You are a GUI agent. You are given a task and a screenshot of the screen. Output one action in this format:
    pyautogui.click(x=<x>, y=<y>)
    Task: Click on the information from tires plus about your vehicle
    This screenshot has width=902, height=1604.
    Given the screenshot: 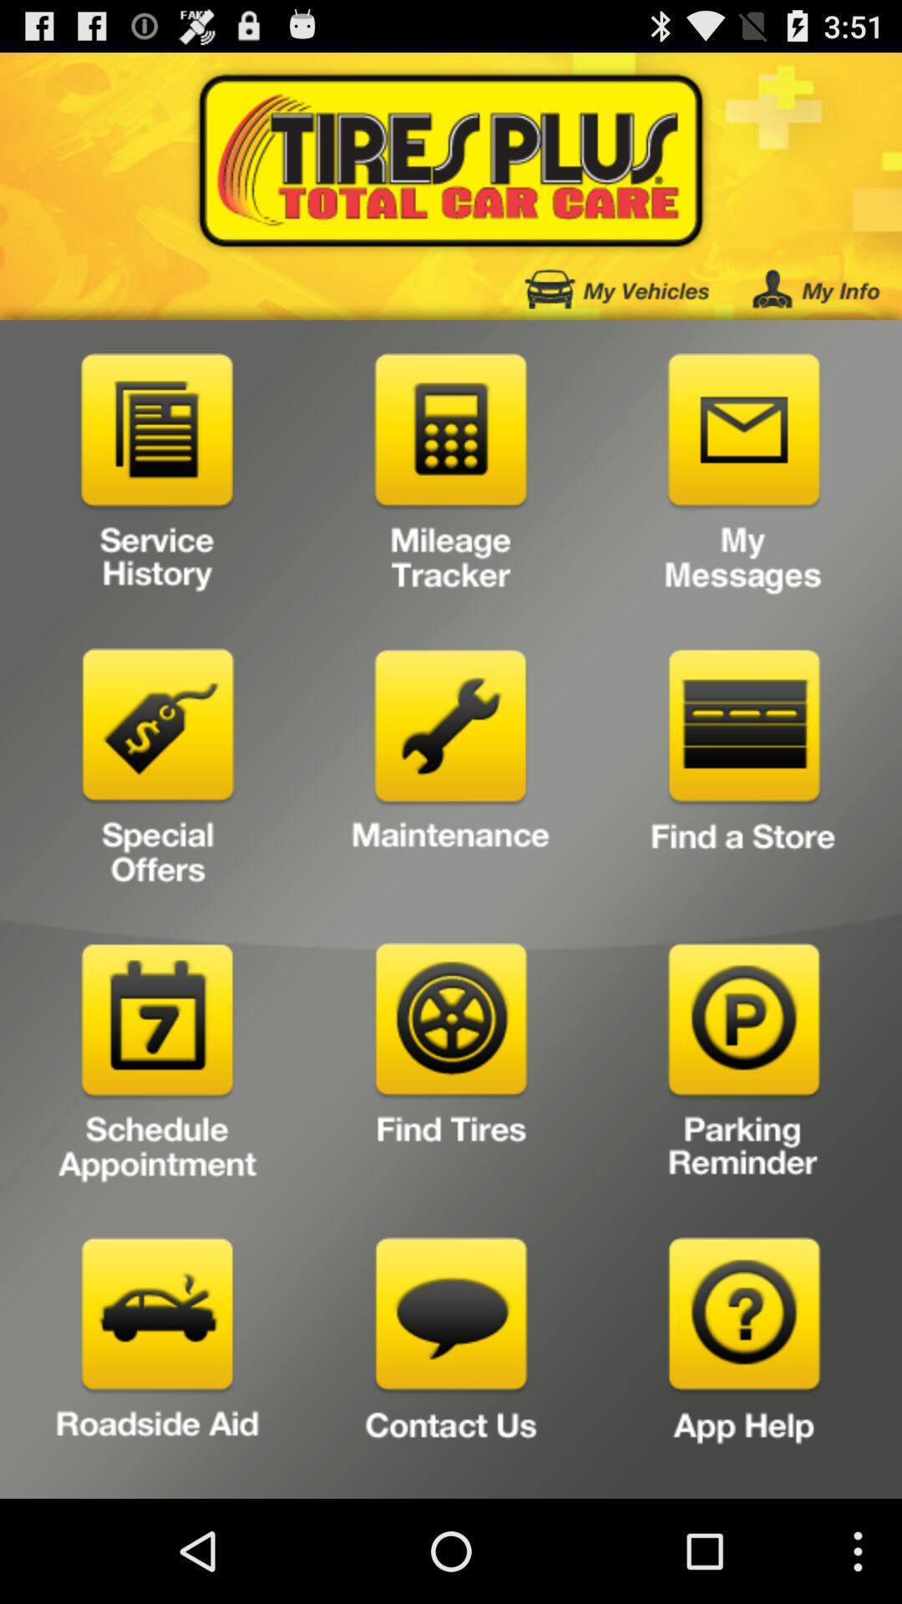 What is the action you would take?
    pyautogui.click(x=616, y=289)
    